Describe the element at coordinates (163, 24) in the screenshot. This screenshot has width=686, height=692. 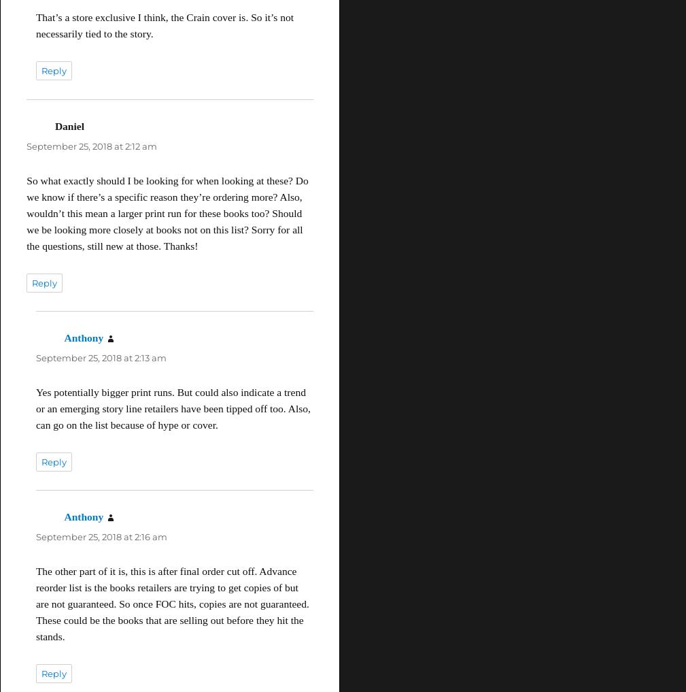
I see `'That’s a store exclusive I think, the Crain cover is. So it’s not necessarily tied to the story.'` at that location.